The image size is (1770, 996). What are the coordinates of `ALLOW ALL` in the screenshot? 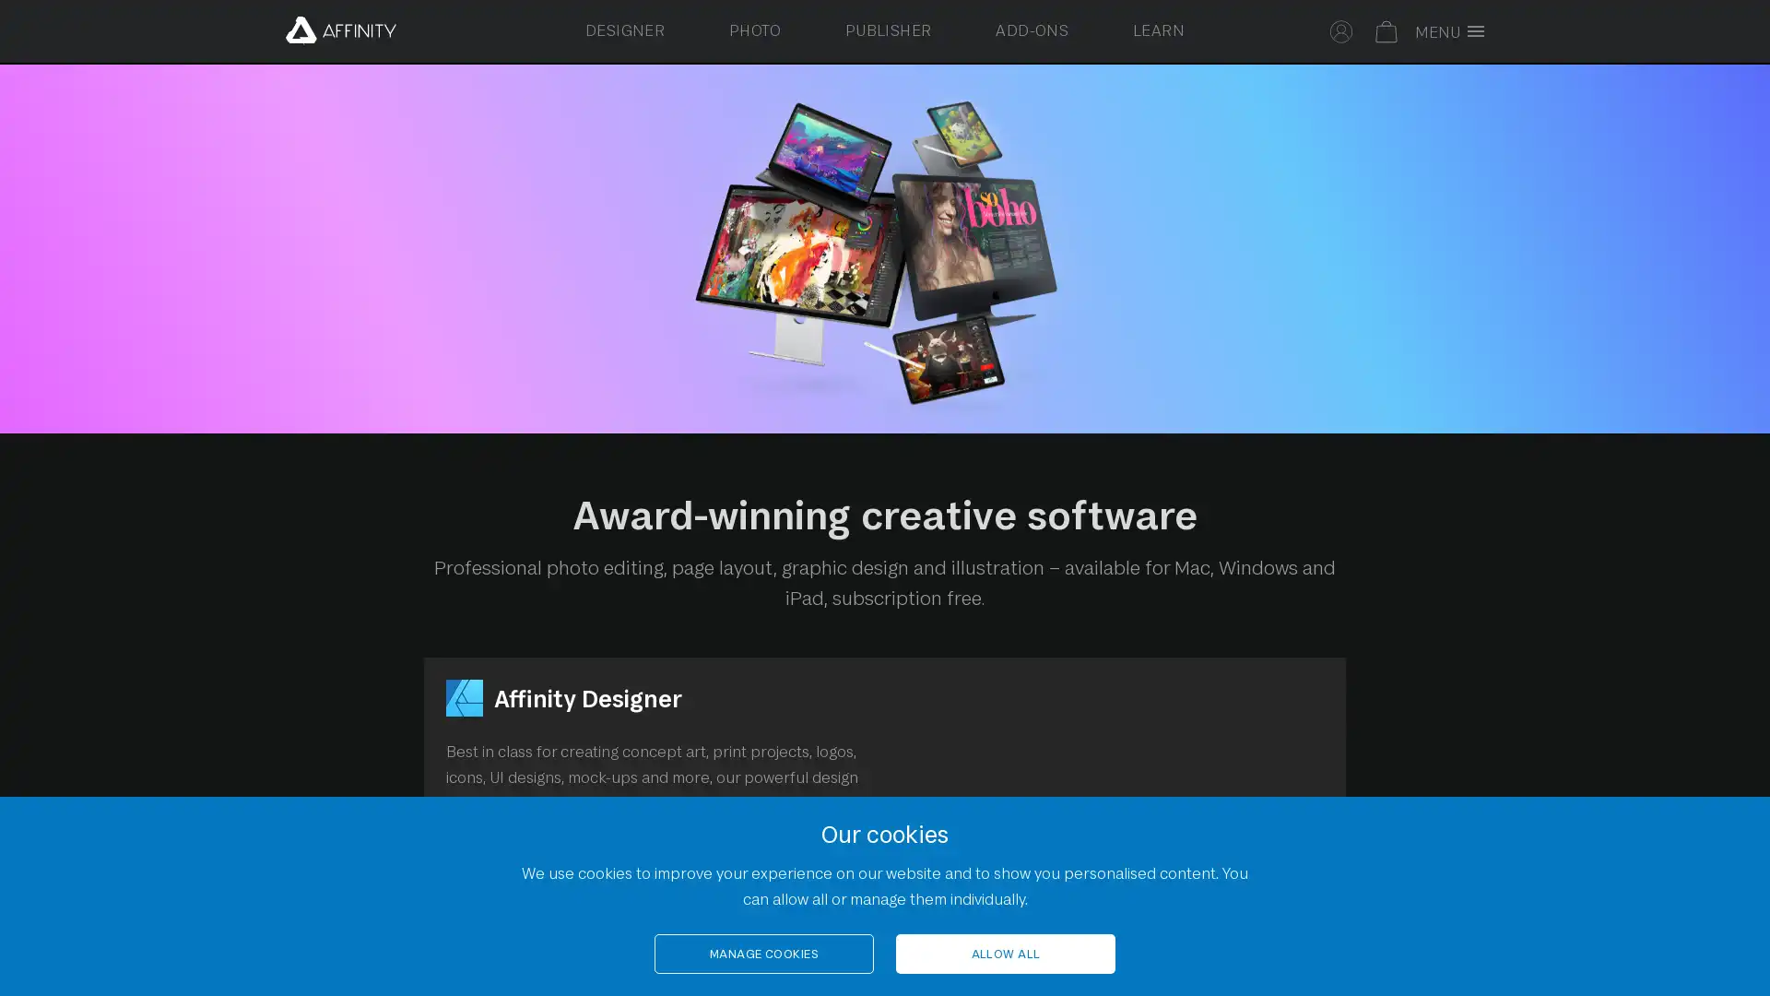 It's located at (1004, 954).